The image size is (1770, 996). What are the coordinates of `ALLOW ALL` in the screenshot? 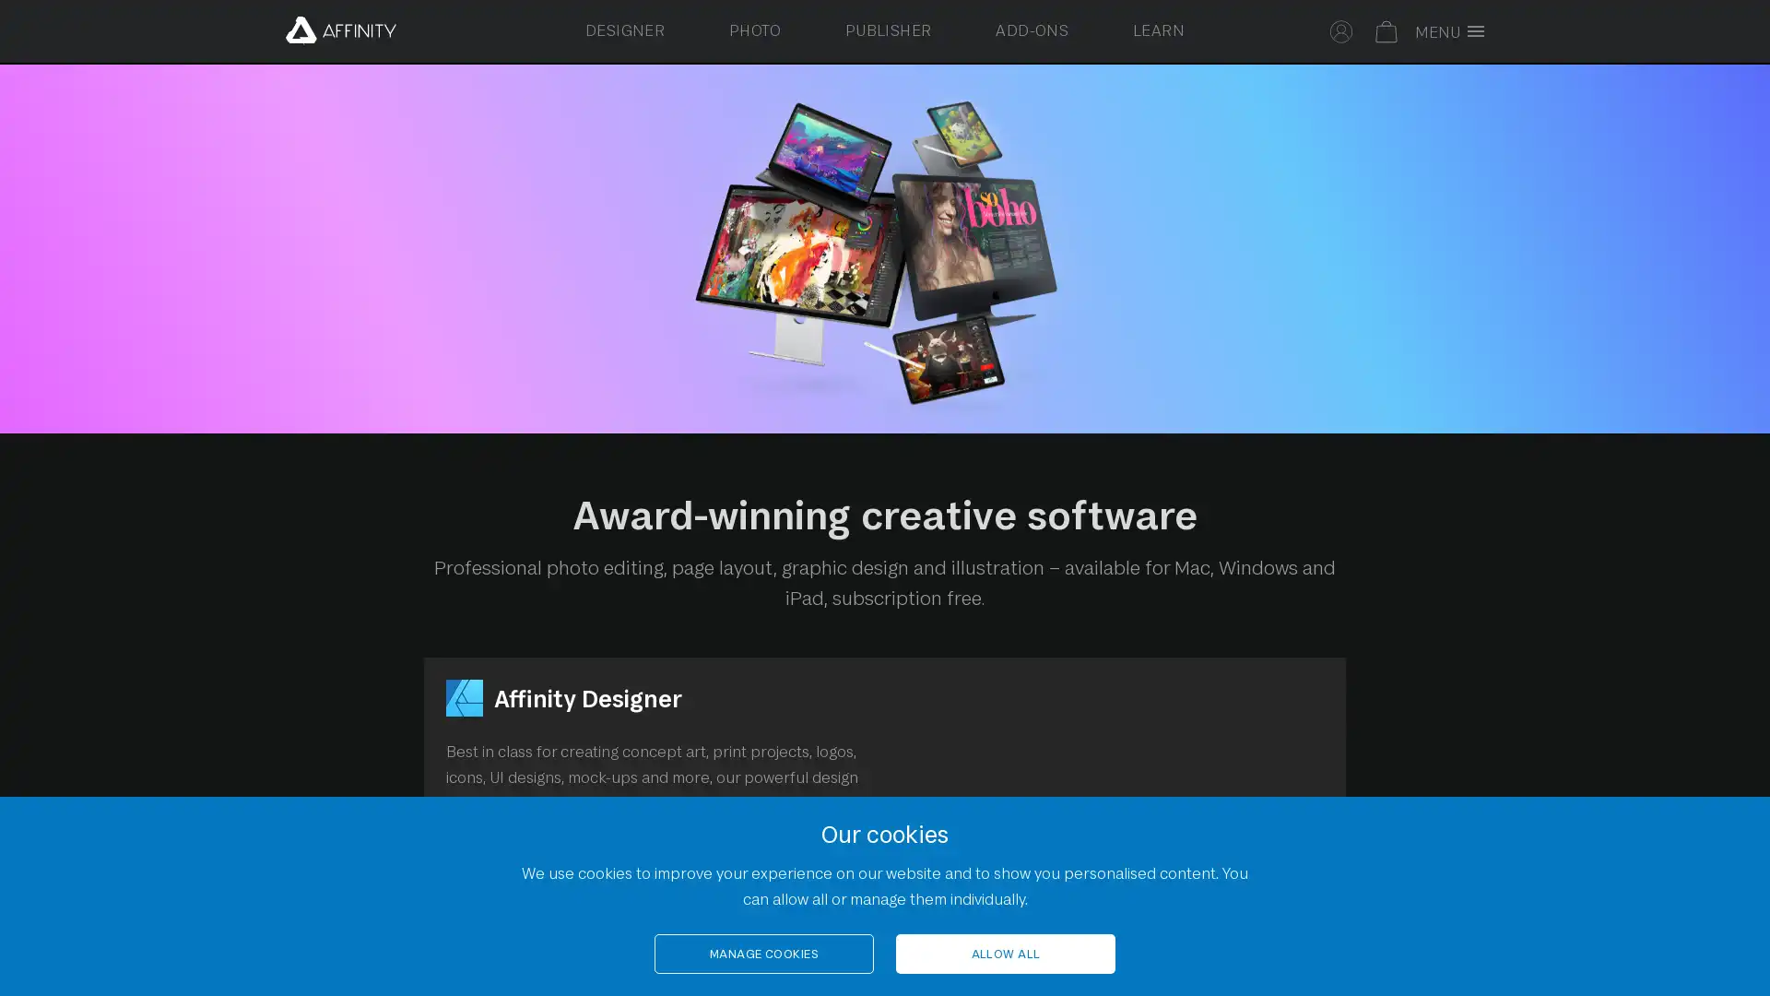 It's located at (1004, 954).